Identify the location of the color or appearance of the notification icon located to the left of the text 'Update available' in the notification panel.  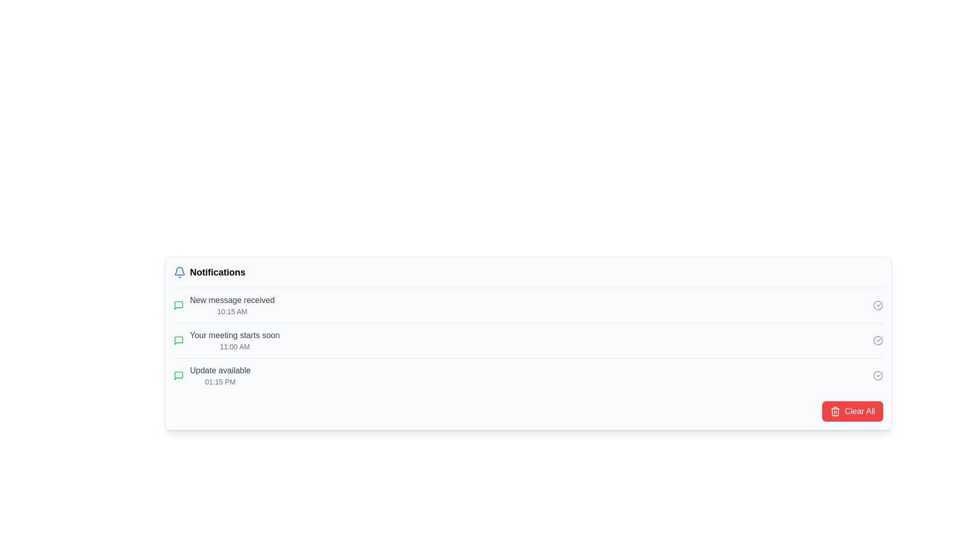
(178, 375).